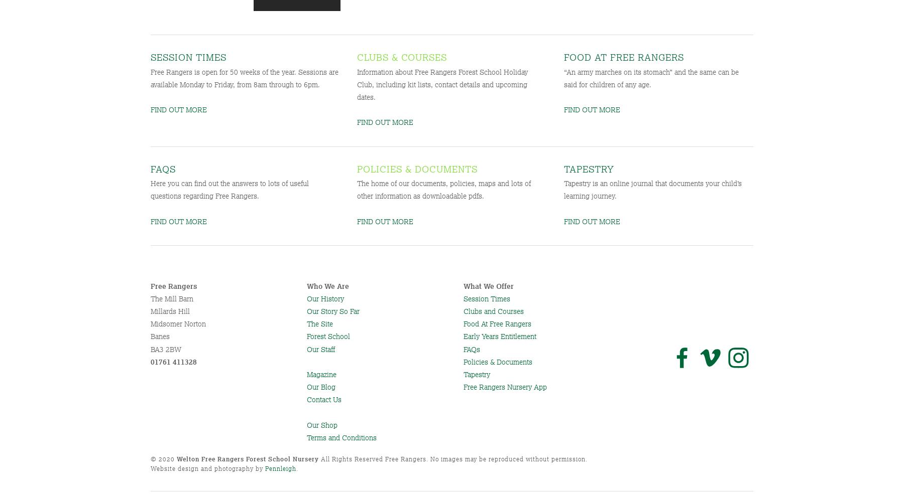 Image resolution: width=904 pixels, height=500 pixels. I want to click on 'Terms and Conditions', so click(341, 436).